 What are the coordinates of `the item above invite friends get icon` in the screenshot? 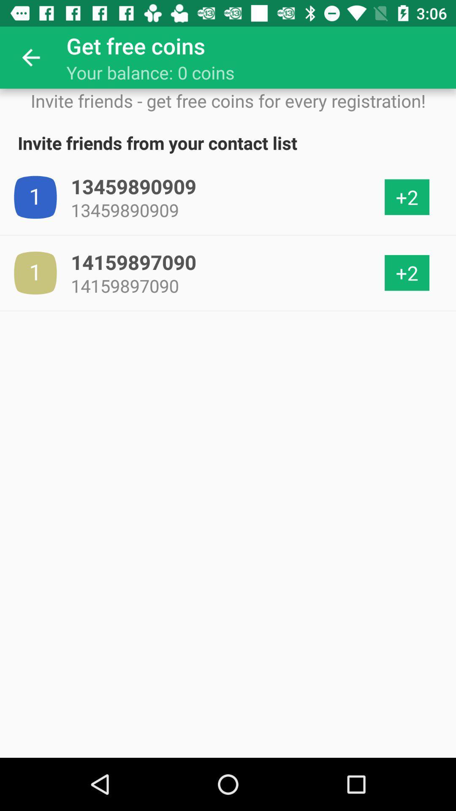 It's located at (30, 57).